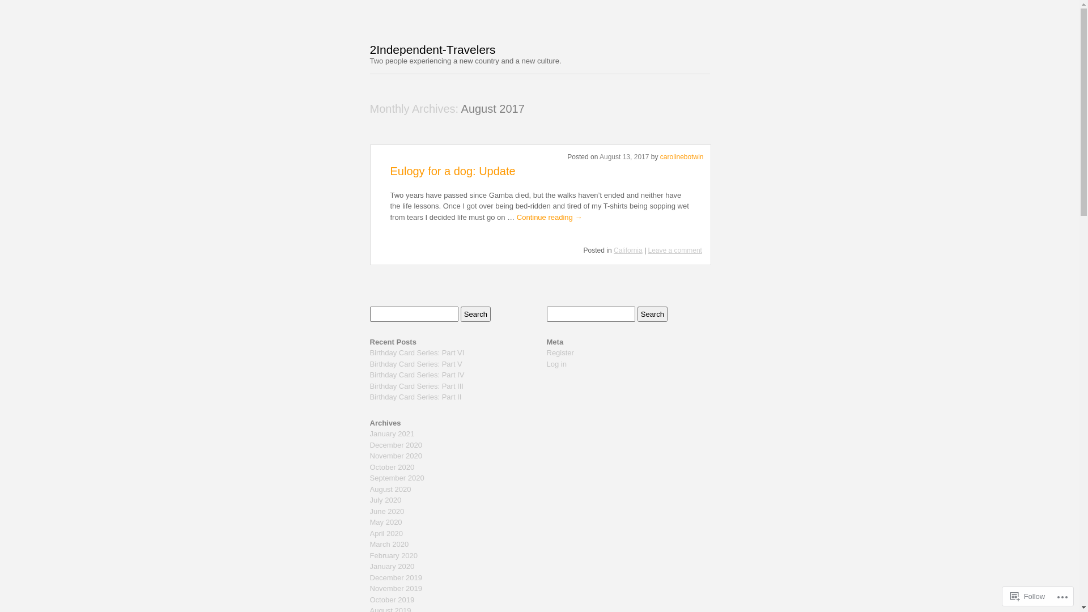 The width and height of the screenshot is (1088, 612). Describe the element at coordinates (652, 314) in the screenshot. I see `'Search'` at that location.